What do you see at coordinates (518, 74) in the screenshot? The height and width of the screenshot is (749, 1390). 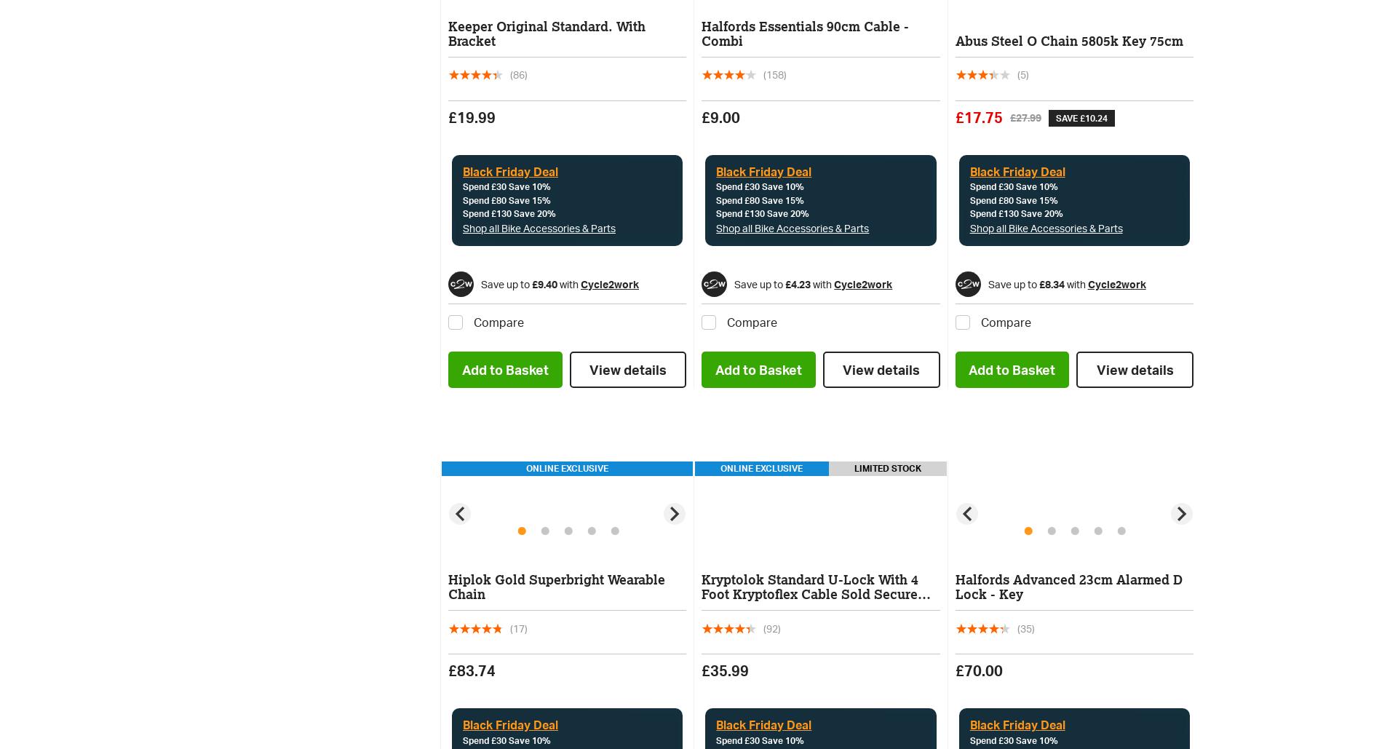 I see `'(86)'` at bounding box center [518, 74].